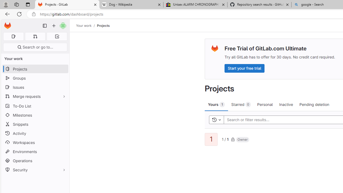 The width and height of the screenshot is (343, 193). Describe the element at coordinates (35, 115) in the screenshot. I see `'Milestones'` at that location.